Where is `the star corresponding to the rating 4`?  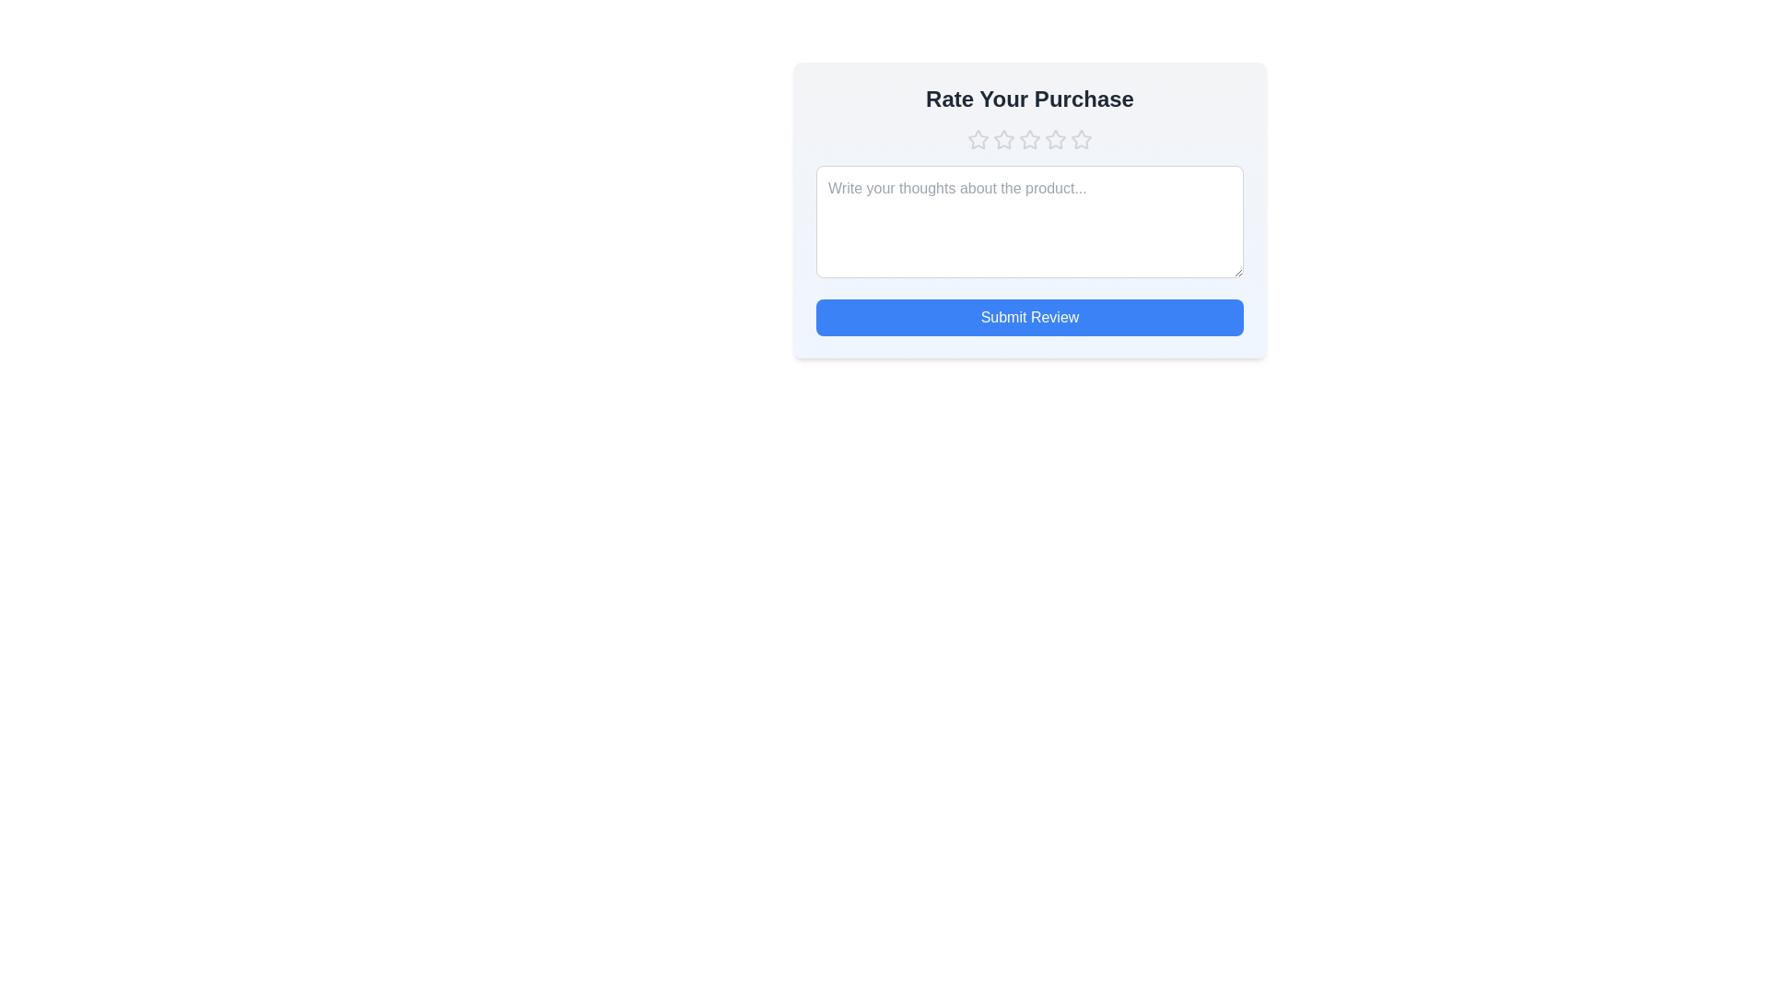 the star corresponding to the rating 4 is located at coordinates (1056, 138).